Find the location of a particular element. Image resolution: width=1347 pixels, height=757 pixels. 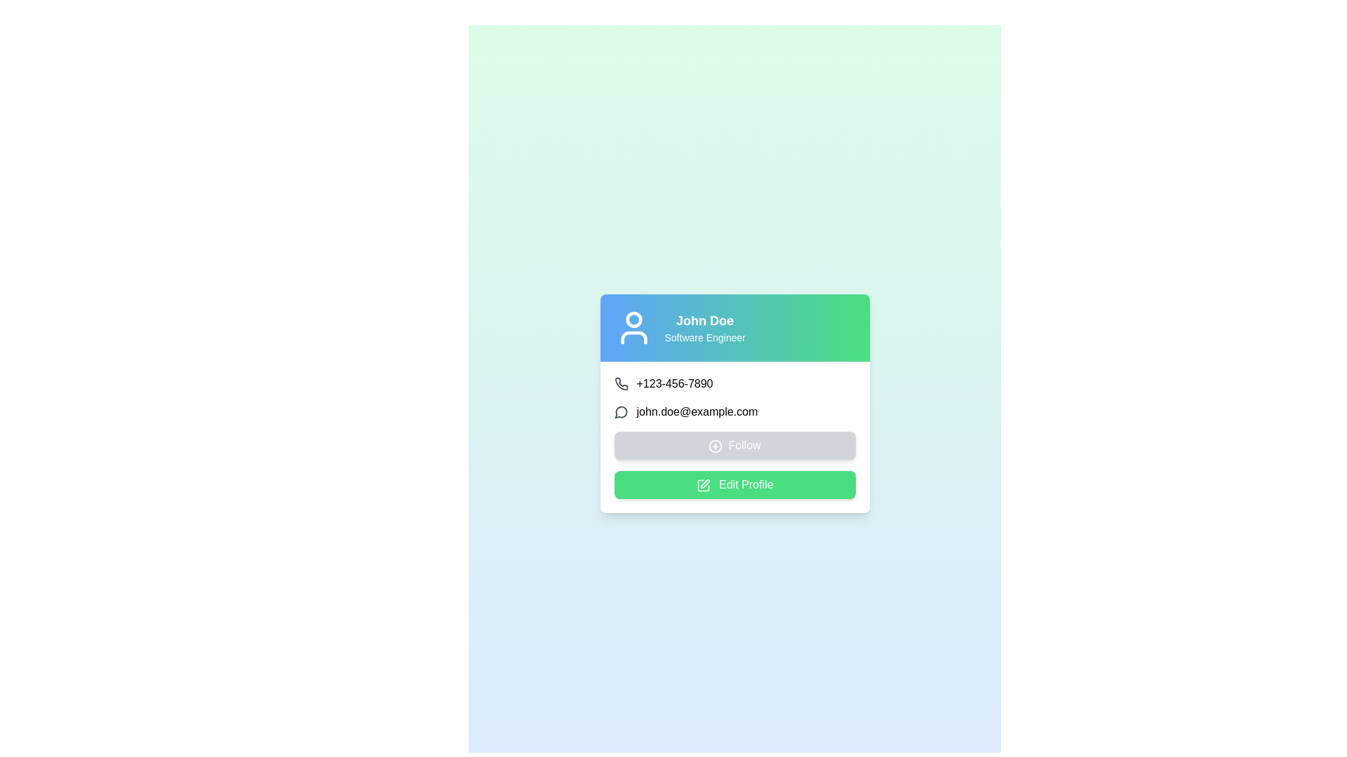

the text display that shows the user's name and job title, located in the header area of the card layout, to the right of the circular user icon is located at coordinates (705, 327).